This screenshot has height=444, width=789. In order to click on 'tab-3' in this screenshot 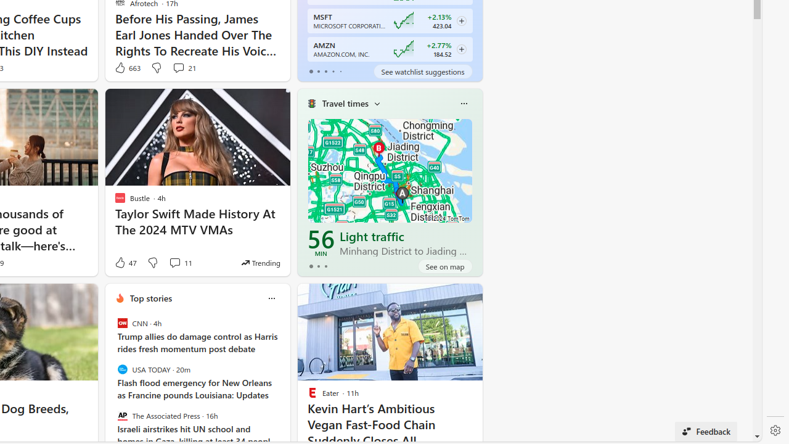, I will do `click(333, 71)`.